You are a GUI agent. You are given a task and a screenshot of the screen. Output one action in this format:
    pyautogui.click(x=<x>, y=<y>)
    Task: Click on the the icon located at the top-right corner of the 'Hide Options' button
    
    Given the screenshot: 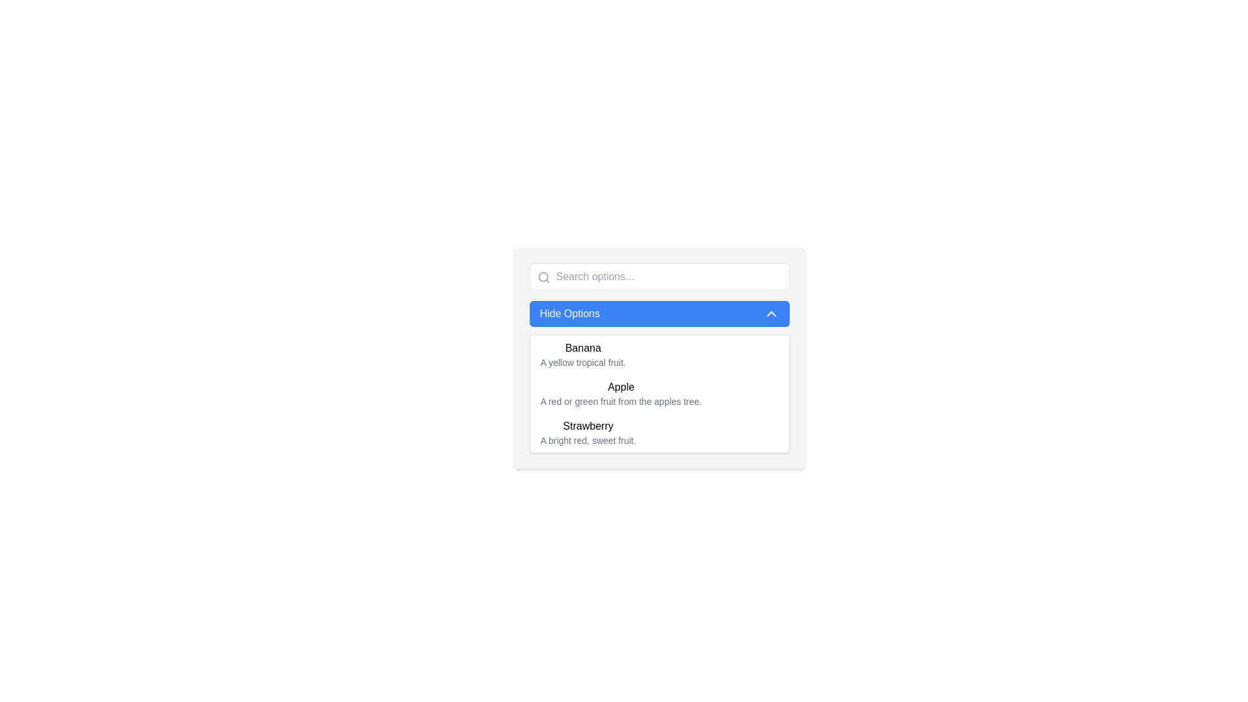 What is the action you would take?
    pyautogui.click(x=771, y=313)
    